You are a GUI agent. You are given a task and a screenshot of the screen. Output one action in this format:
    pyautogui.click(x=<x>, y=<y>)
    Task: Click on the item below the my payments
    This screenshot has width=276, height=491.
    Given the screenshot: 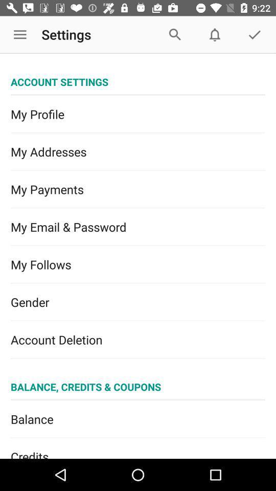 What is the action you would take?
    pyautogui.click(x=138, y=227)
    